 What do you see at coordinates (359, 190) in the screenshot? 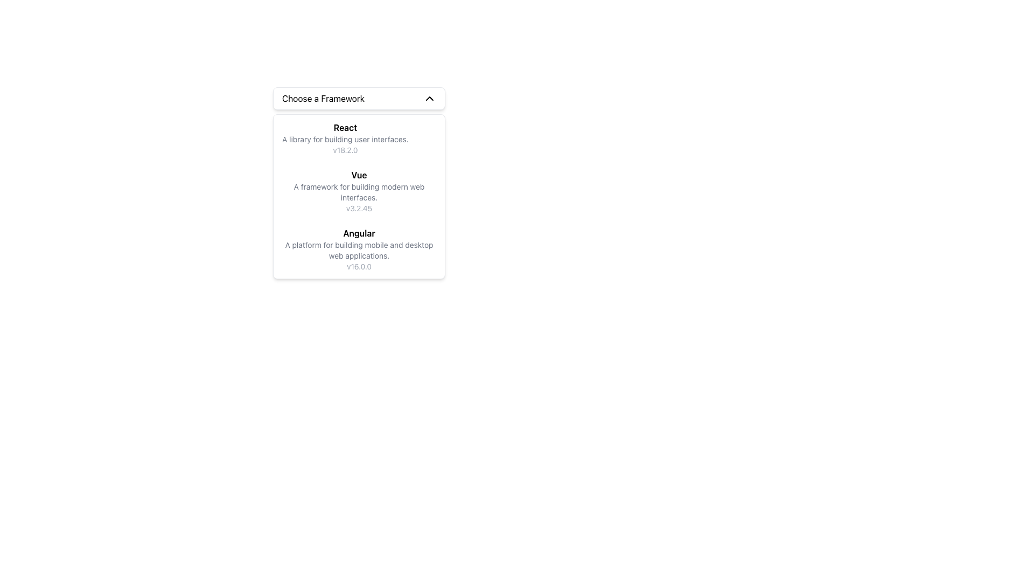
I see `the center of the selectable list item representing the 'Vue' framework` at bounding box center [359, 190].